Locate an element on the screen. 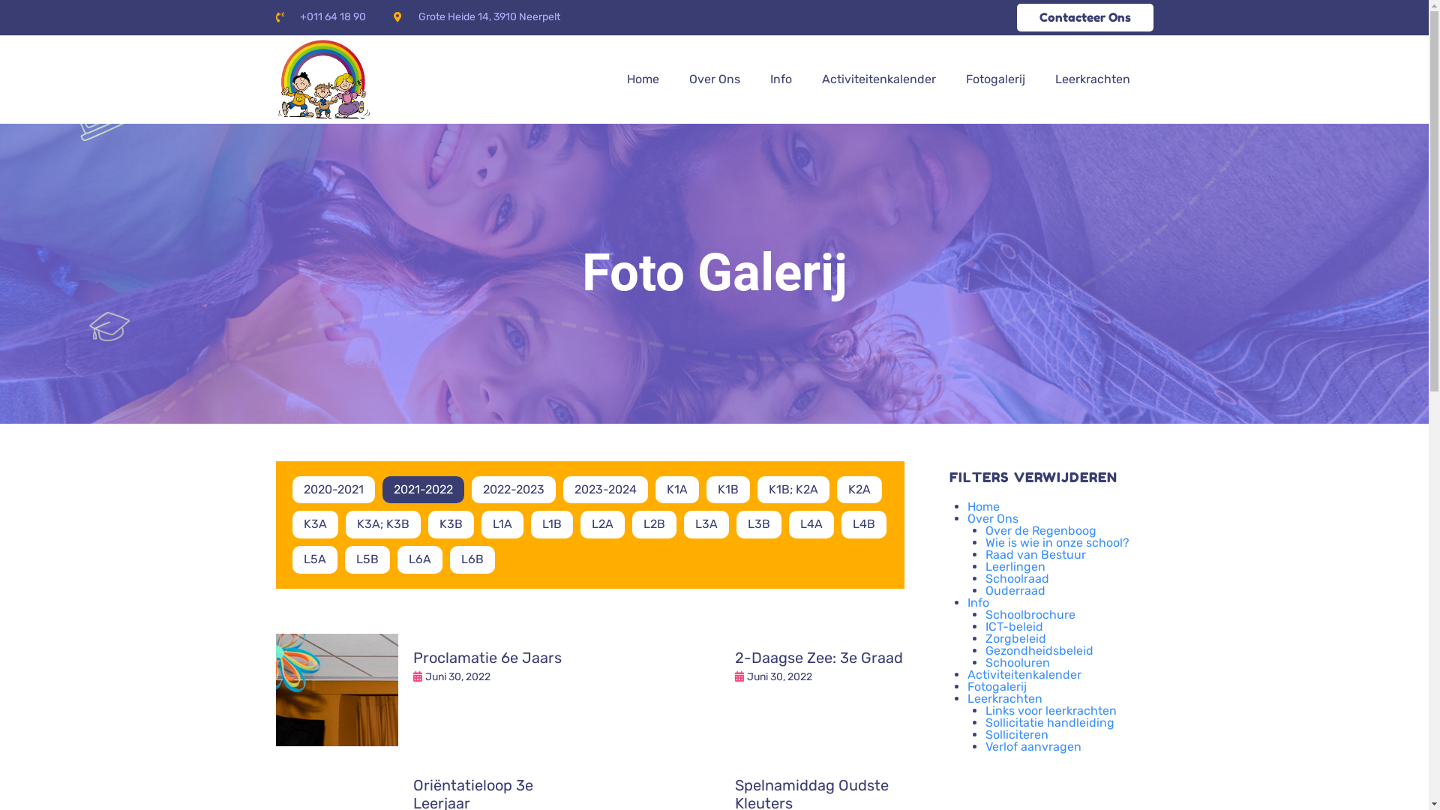 The height and width of the screenshot is (810, 1440). 'Sollicitatie handleiding' is located at coordinates (985, 721).